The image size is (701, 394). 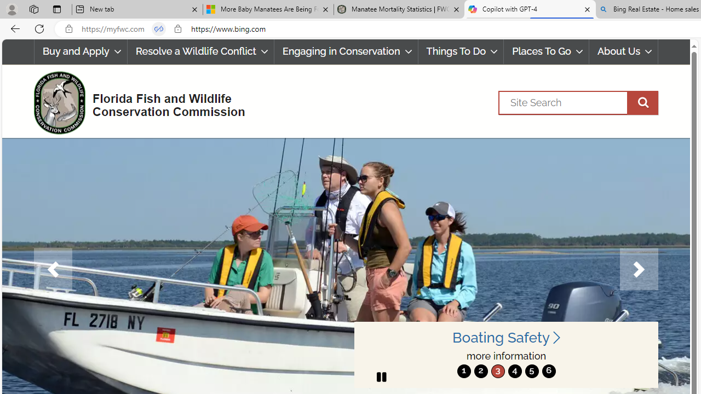 What do you see at coordinates (80, 51) in the screenshot?
I see `'Buy and Apply'` at bounding box center [80, 51].